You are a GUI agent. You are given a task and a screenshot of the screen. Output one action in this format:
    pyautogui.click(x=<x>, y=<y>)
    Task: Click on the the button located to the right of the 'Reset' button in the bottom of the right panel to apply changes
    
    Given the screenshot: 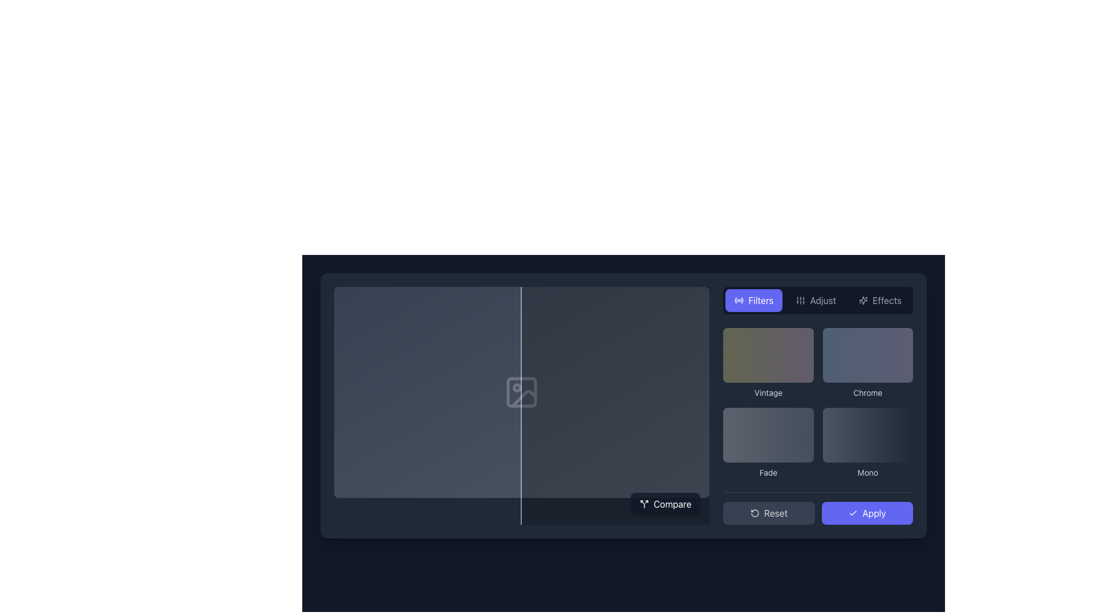 What is the action you would take?
    pyautogui.click(x=817, y=508)
    